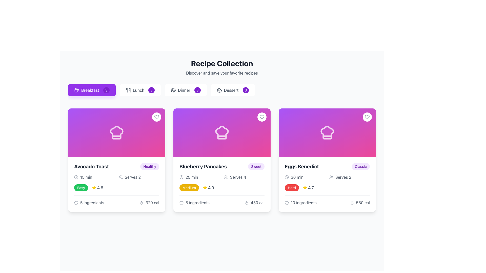  Describe the element at coordinates (311, 188) in the screenshot. I see `the static text label displaying the numeric rating '4.7', which is styled with a gray color and medium font weight, located to the right of the yellow star icon in the card for 'Eggs Benedict'` at that location.